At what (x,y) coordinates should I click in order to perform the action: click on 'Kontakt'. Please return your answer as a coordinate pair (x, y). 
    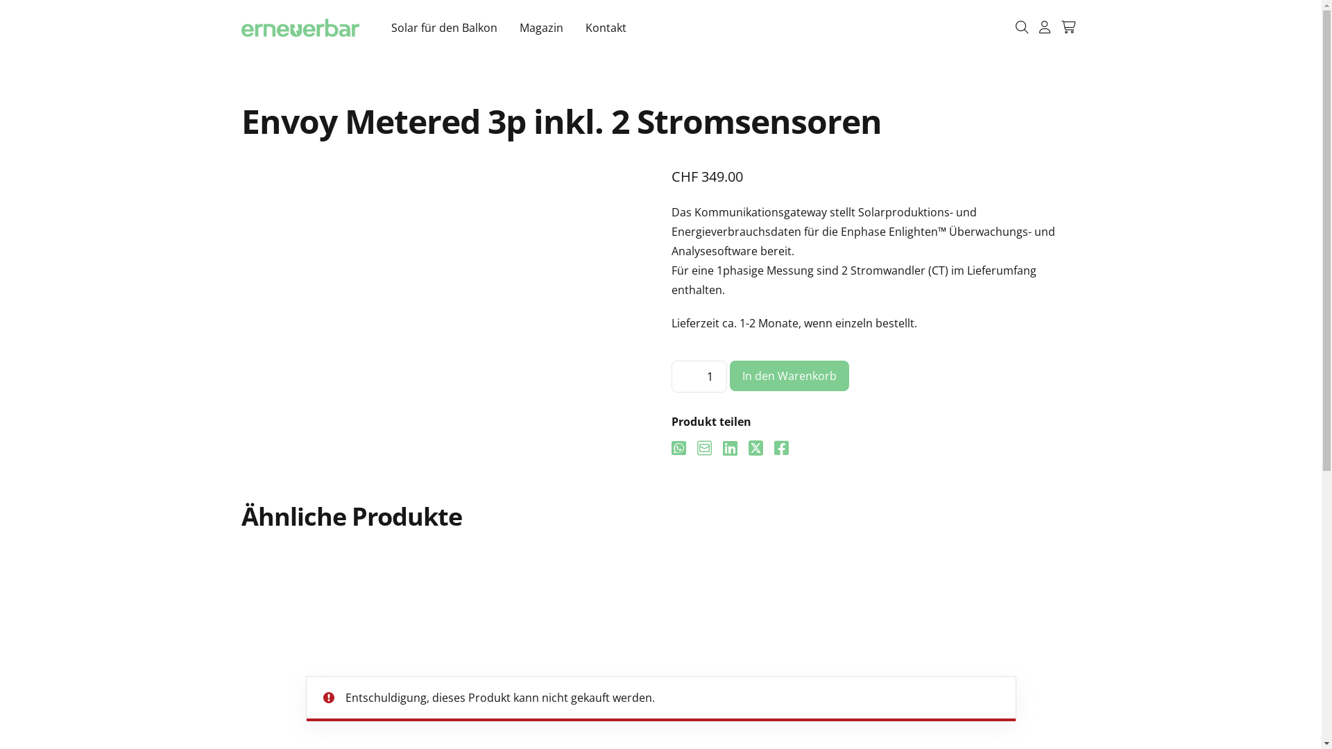
    Looking at the image, I should click on (574, 27).